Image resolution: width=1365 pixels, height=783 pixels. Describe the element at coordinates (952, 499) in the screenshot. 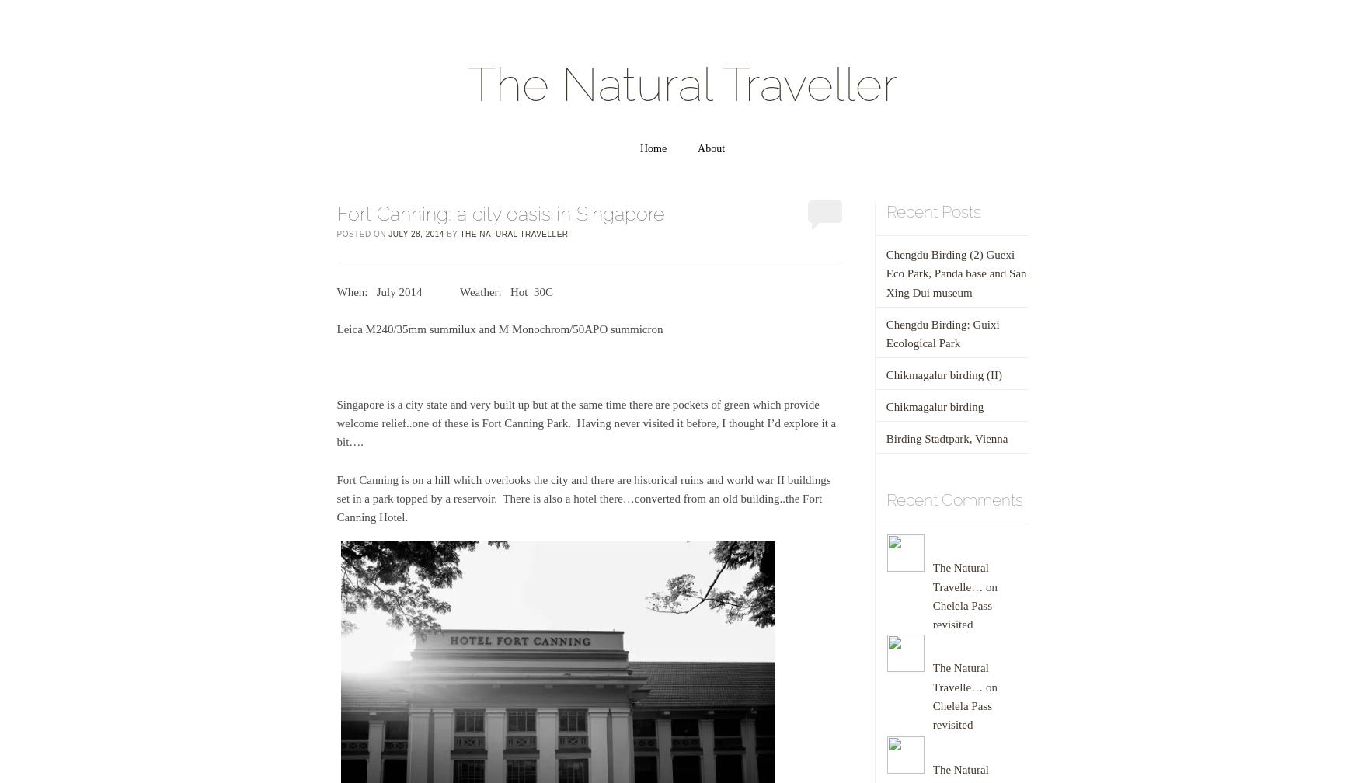

I see `'Recent Comments'` at that location.